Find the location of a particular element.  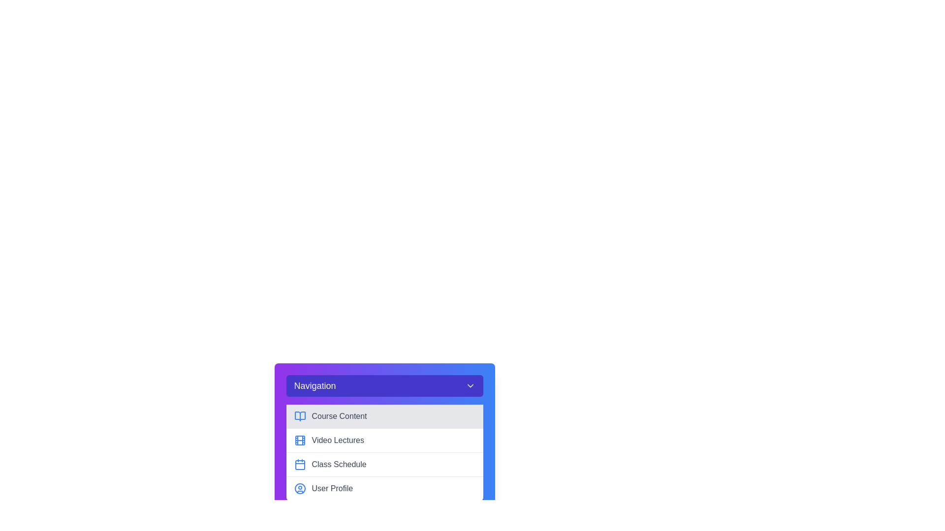

the 'Video Lectures' menu item, which is the second option in the vertical navigation menu is located at coordinates (384, 440).